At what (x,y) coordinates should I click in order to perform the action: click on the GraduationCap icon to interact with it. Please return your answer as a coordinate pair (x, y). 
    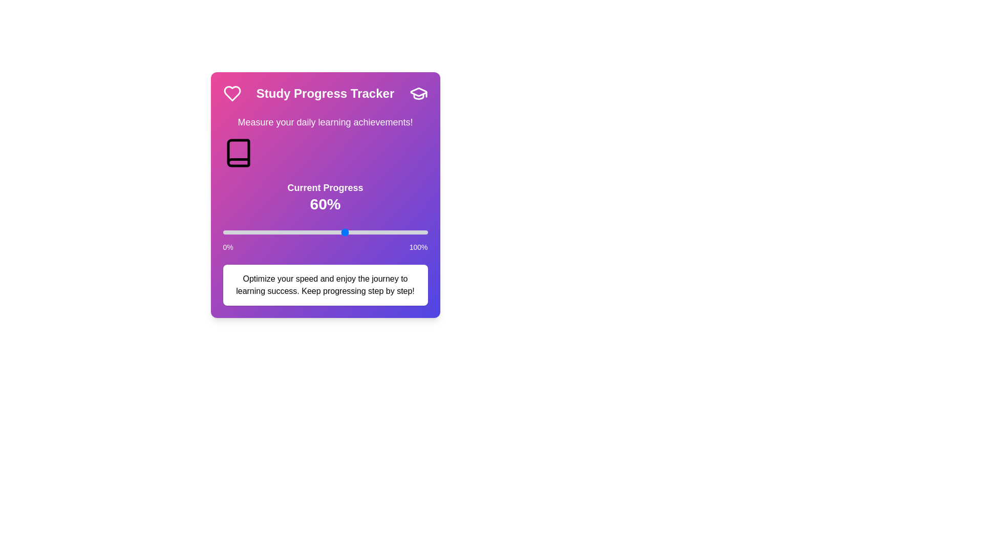
    Looking at the image, I should click on (418, 93).